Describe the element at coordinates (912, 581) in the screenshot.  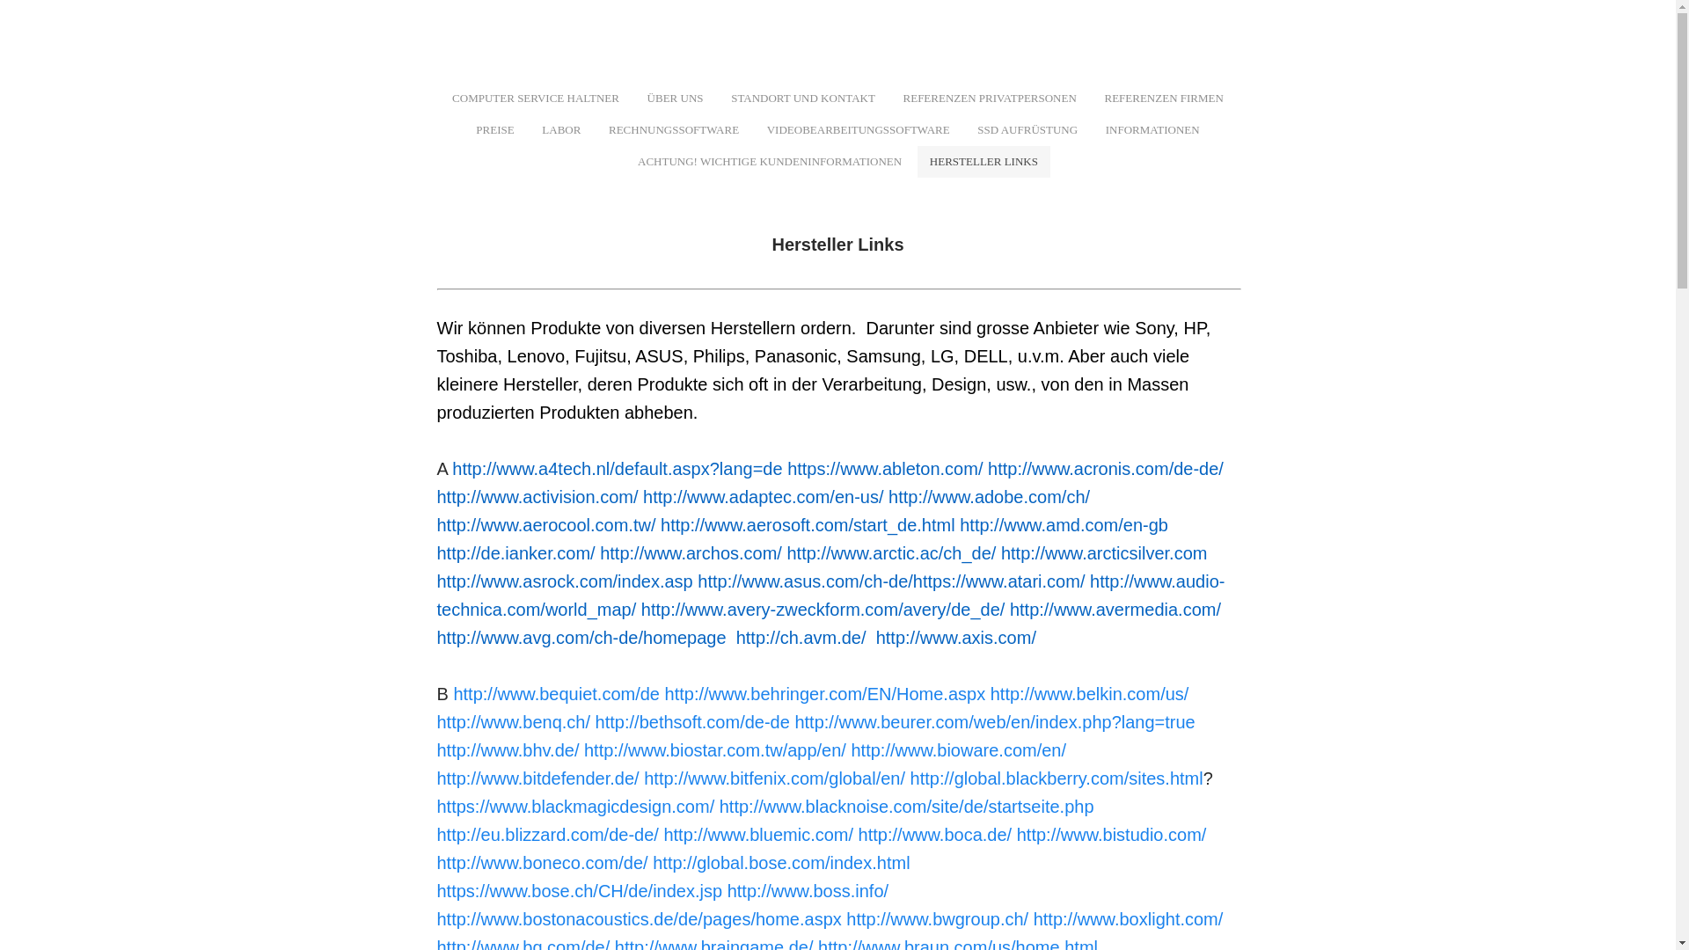
I see `'https://www.atari.com/'` at that location.